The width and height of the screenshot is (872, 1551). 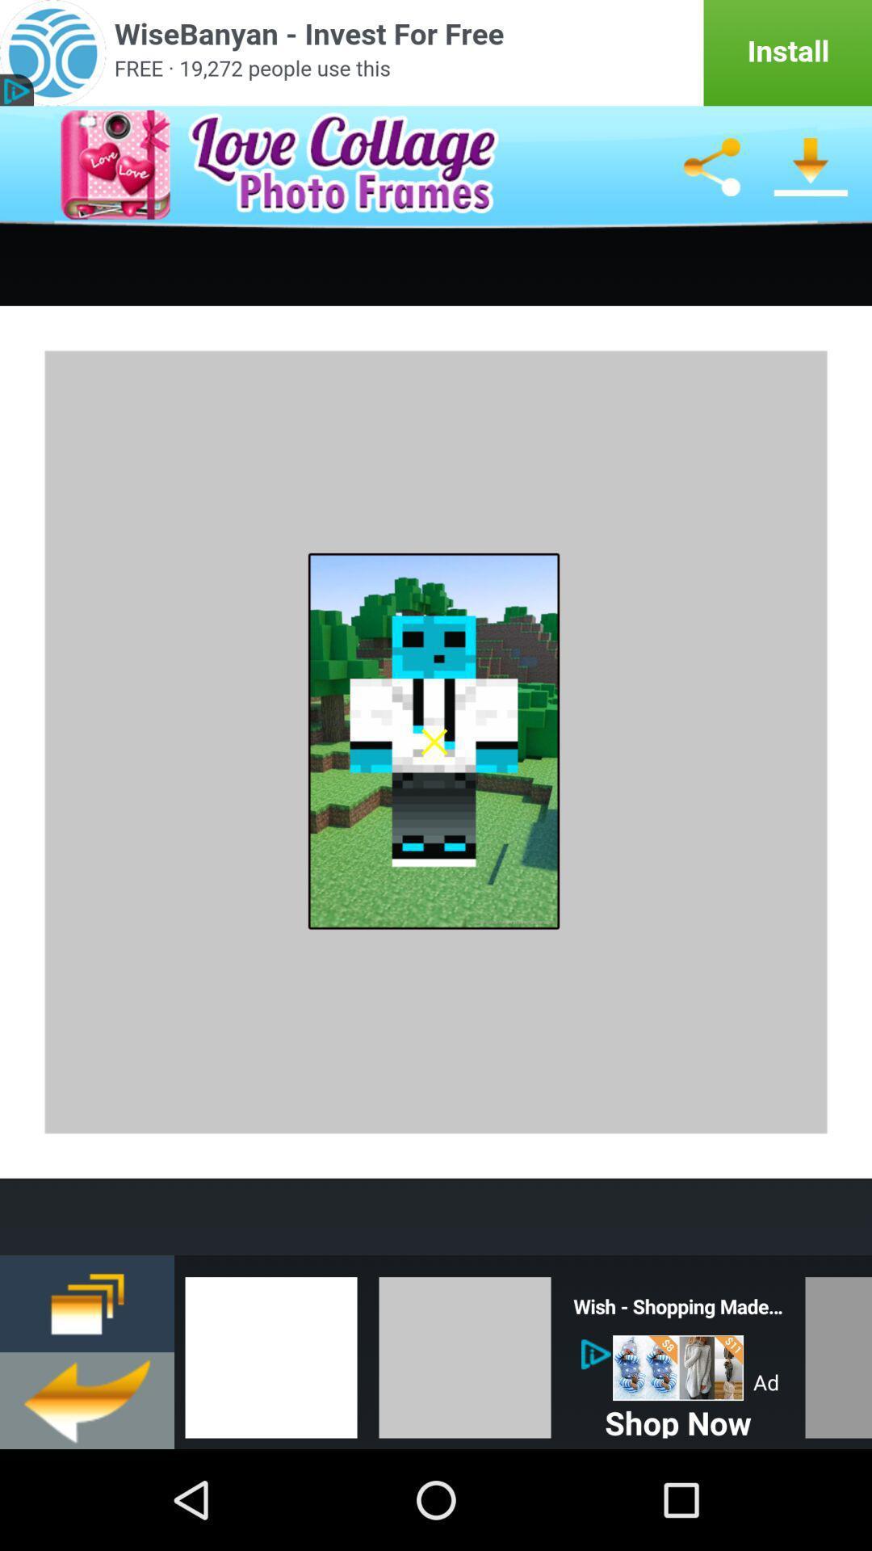 What do you see at coordinates (270, 1352) in the screenshot?
I see `for a blank page` at bounding box center [270, 1352].